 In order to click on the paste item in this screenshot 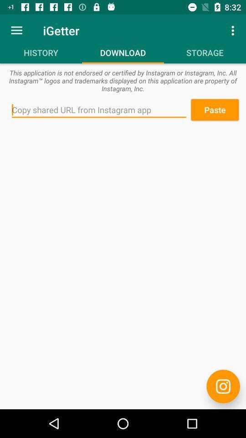, I will do `click(215, 109)`.